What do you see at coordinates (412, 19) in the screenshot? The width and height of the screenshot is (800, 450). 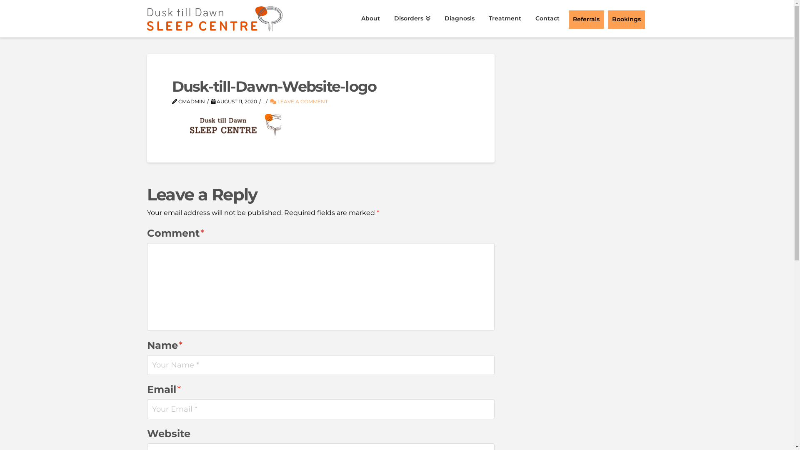 I see `'Disorders'` at bounding box center [412, 19].